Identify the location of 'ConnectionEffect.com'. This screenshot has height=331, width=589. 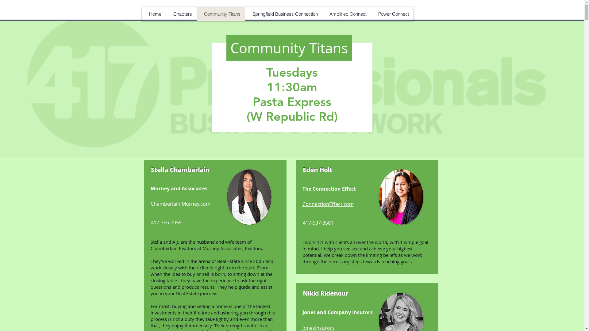
(328, 204).